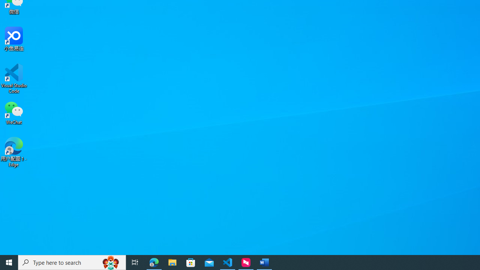 The height and width of the screenshot is (270, 480). I want to click on 'Word - 1 running window', so click(264, 262).